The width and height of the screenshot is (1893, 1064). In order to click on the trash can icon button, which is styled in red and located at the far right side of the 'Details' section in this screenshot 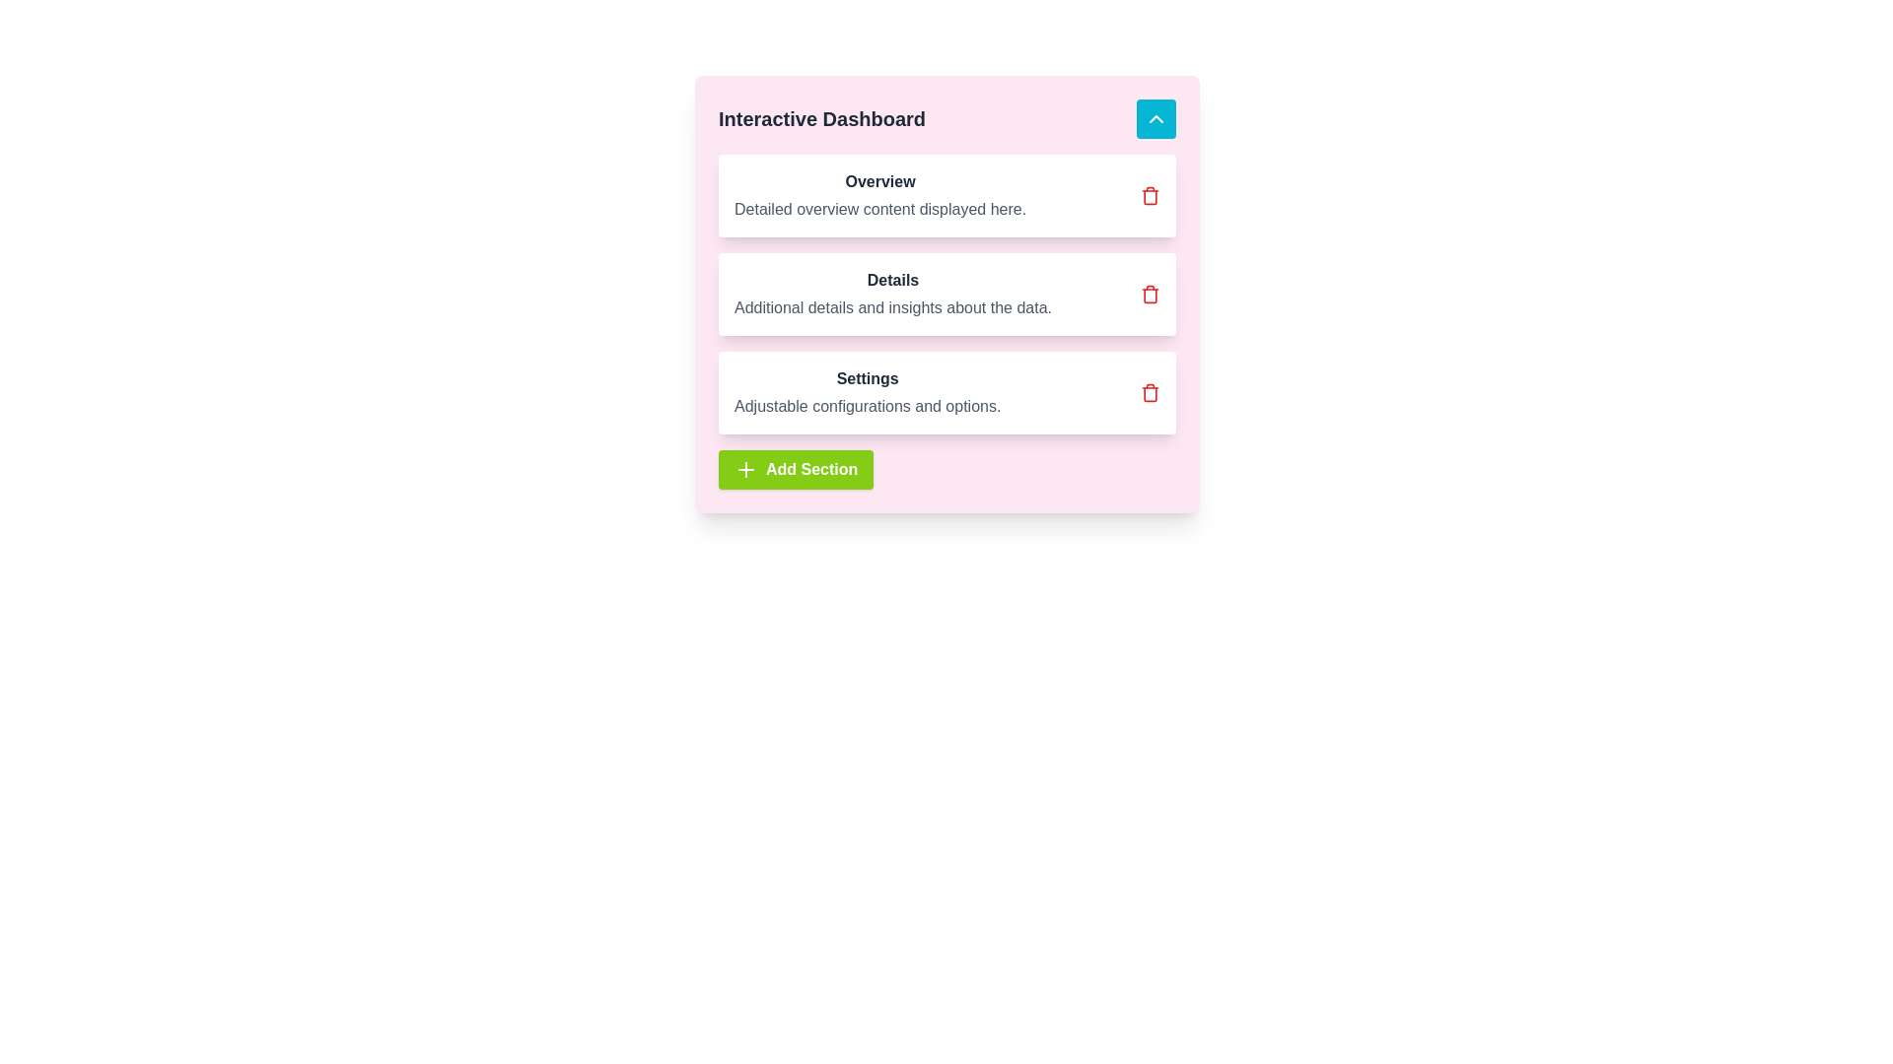, I will do `click(1150, 295)`.